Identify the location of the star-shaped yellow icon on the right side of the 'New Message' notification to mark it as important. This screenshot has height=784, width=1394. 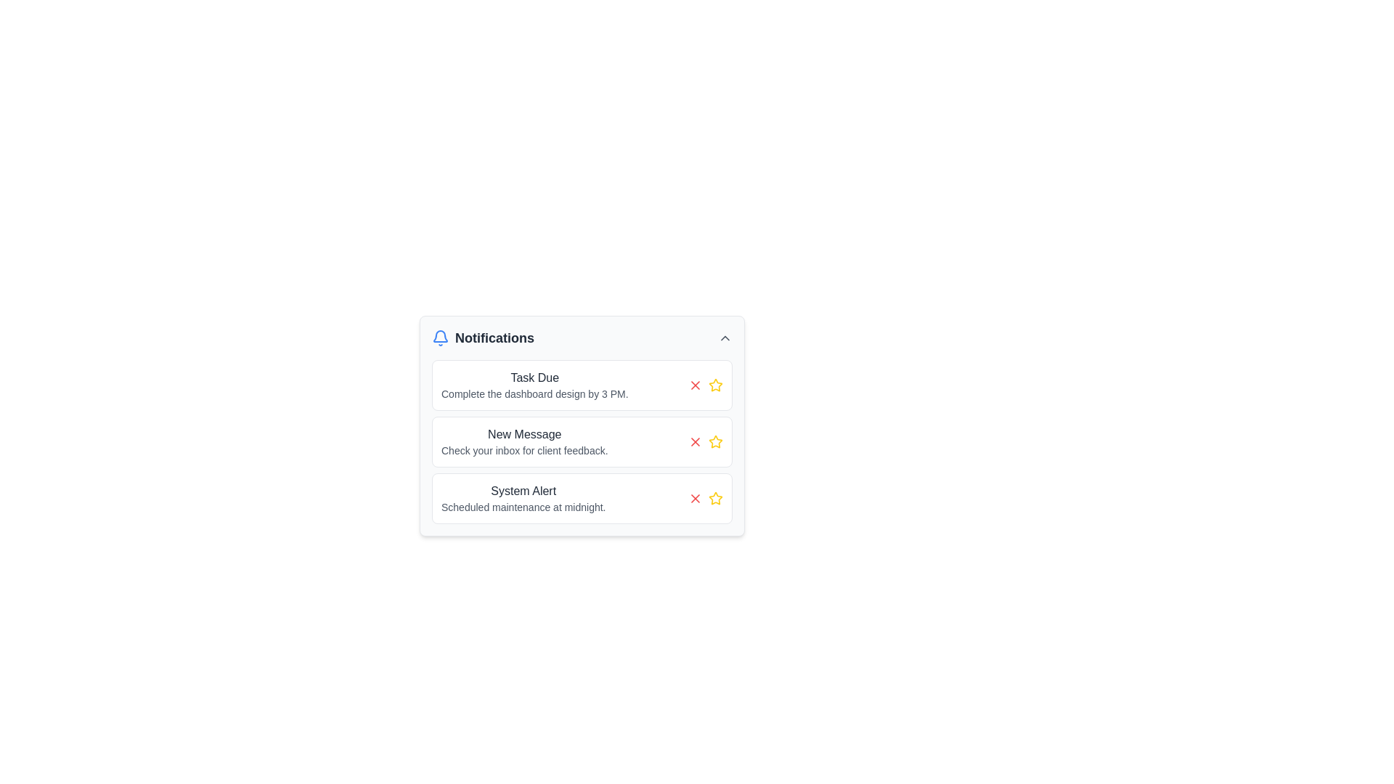
(715, 384).